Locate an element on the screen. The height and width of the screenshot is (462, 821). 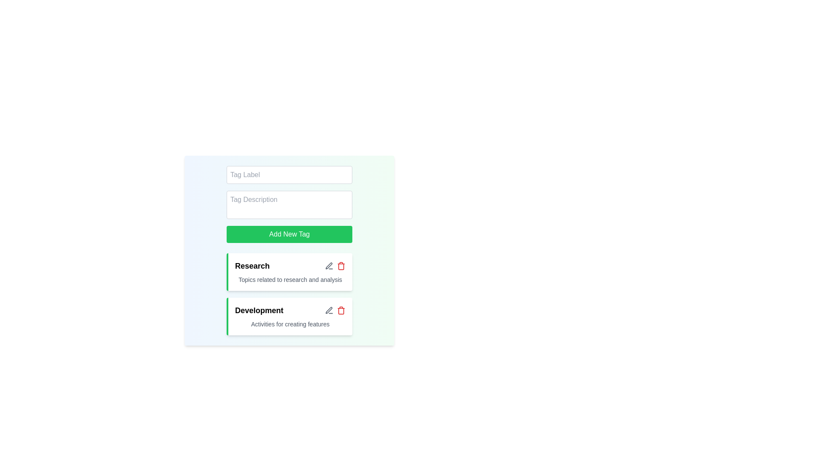
the title of the Information panel for the 'Development' category is located at coordinates (289, 317).